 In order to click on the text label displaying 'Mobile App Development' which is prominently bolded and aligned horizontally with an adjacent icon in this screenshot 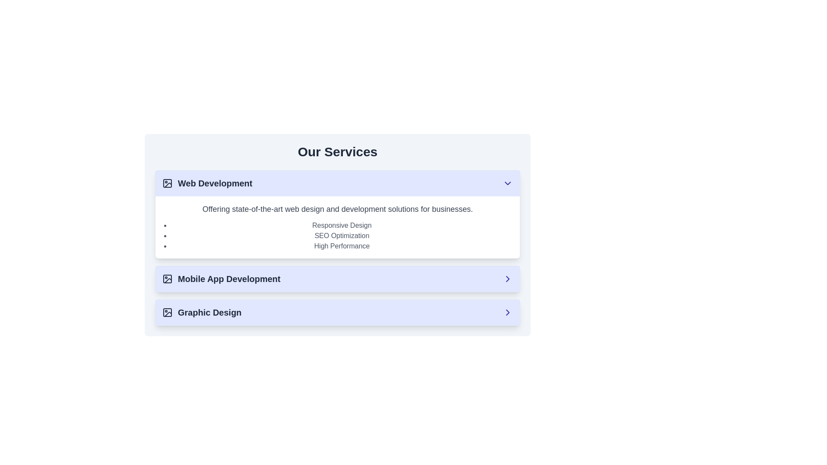, I will do `click(221, 279)`.